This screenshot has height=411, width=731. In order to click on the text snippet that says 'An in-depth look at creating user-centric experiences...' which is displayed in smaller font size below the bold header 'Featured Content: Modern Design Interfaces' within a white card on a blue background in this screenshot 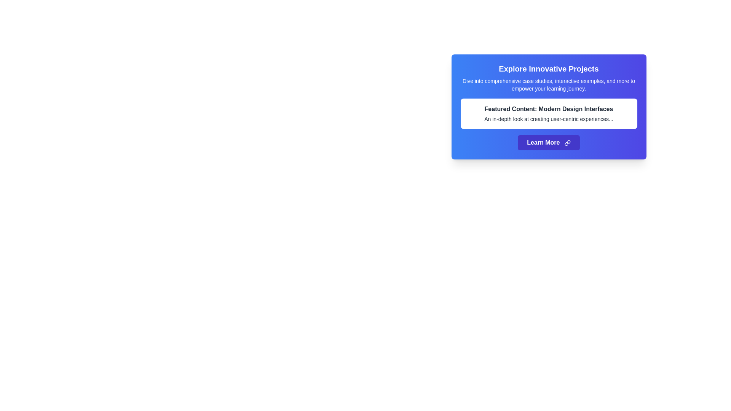, I will do `click(549, 119)`.